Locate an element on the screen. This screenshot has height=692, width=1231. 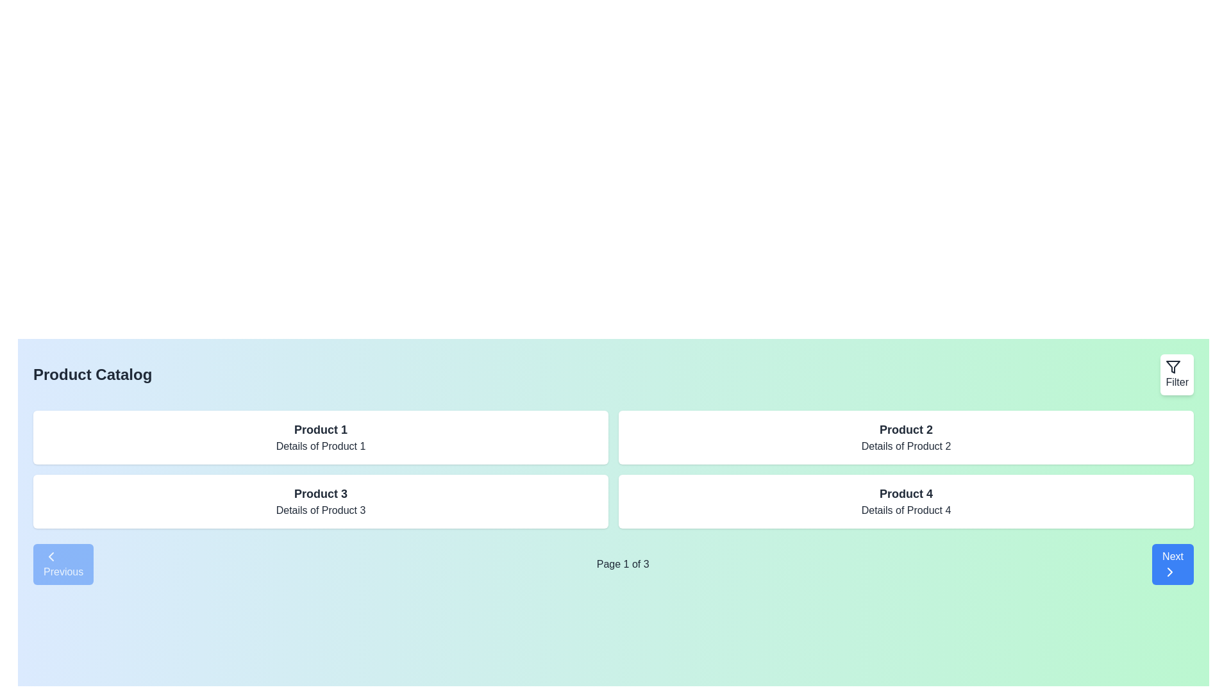
the bolded text label displaying 'Product 1' is located at coordinates (321, 430).